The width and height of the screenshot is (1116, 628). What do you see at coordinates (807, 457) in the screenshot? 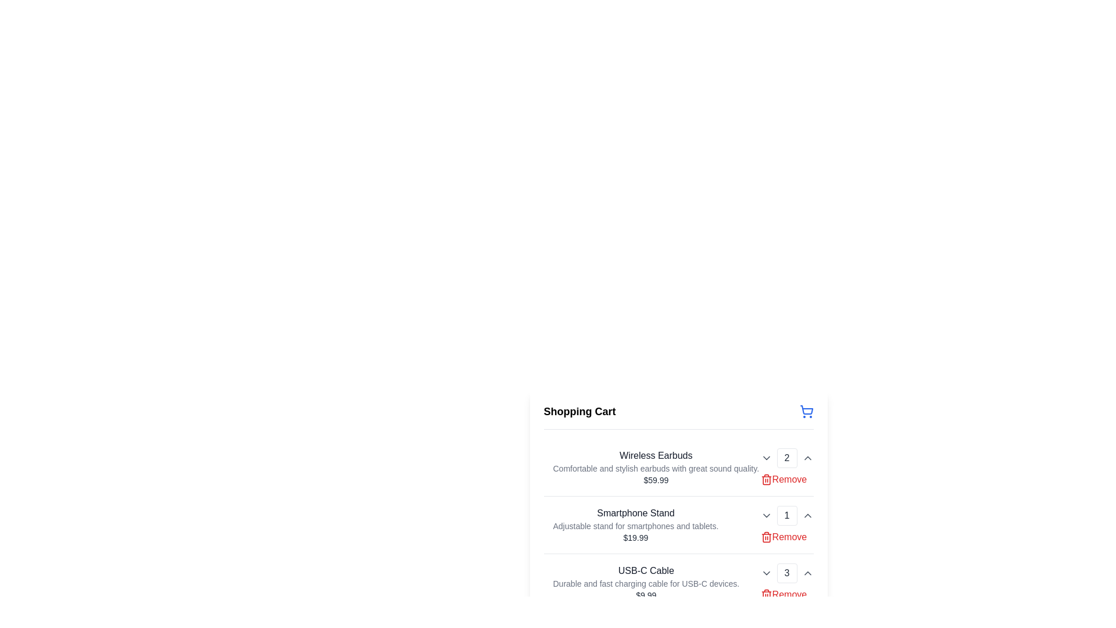
I see `the button to the right of the quantity '2' for the 'Wireless Earbuds' in the shopping cart to increase the item quantity` at bounding box center [807, 457].